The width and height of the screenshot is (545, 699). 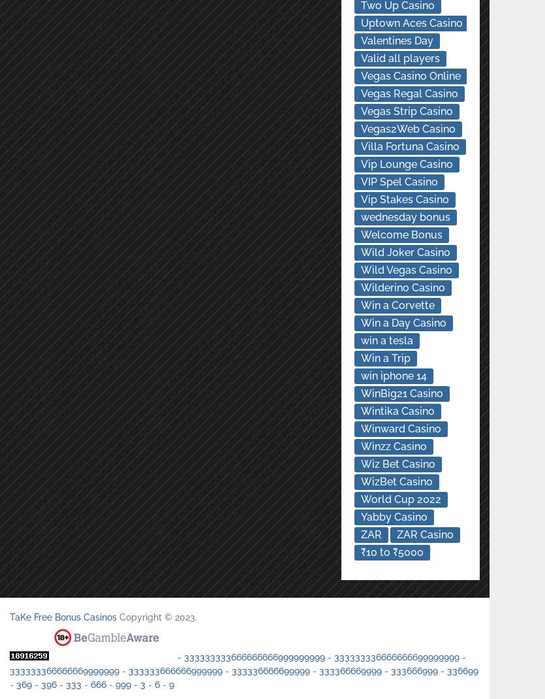 I want to click on '3', so click(x=140, y=684).